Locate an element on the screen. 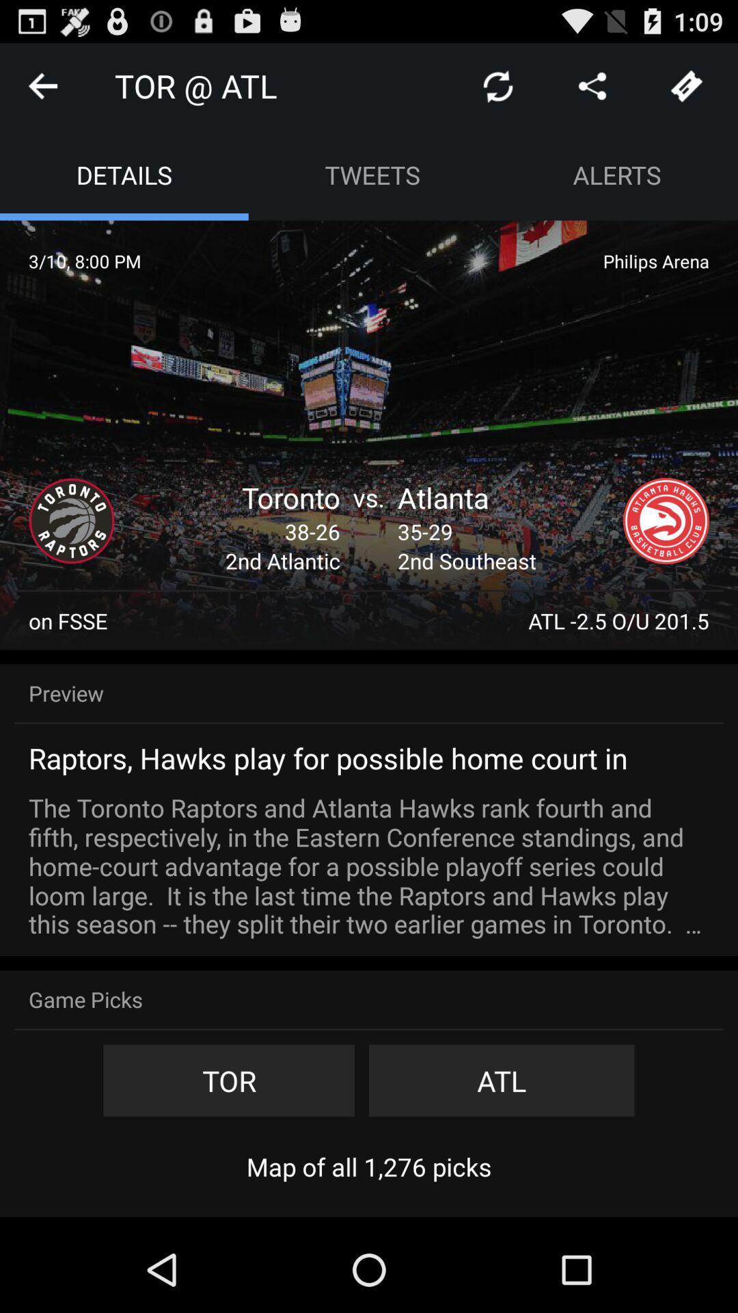  app to the right of tor @ atl is located at coordinates (498, 85).